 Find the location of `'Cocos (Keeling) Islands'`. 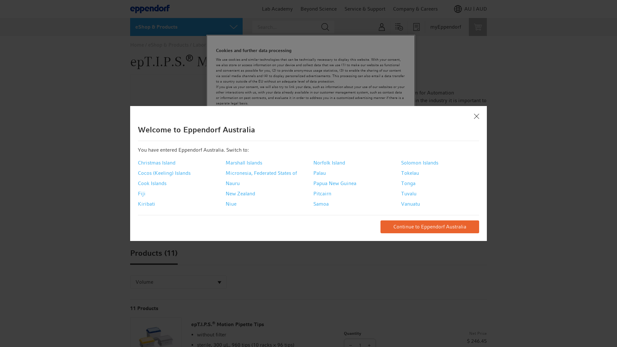

'Cocos (Keeling) Islands' is located at coordinates (164, 173).